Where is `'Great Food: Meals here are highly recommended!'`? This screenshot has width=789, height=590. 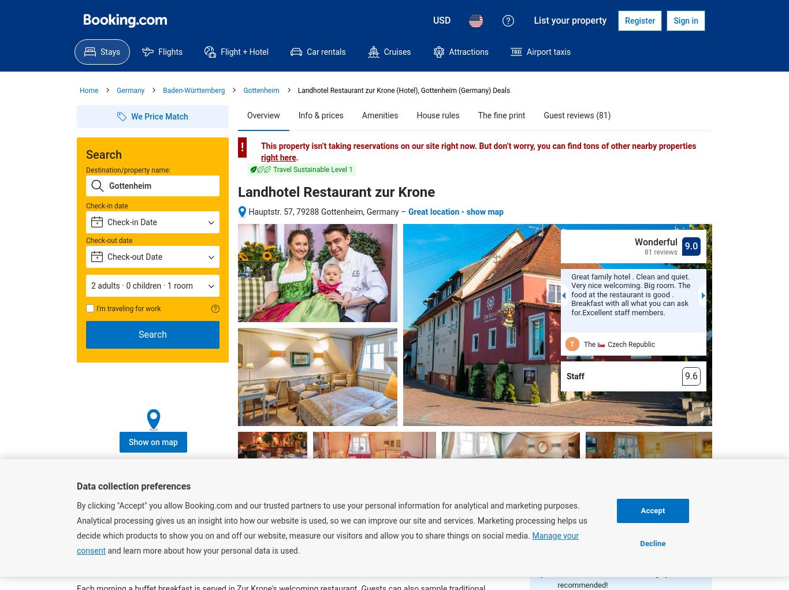
'Great Food: Meals here are highly recommended!' is located at coordinates (557, 579).